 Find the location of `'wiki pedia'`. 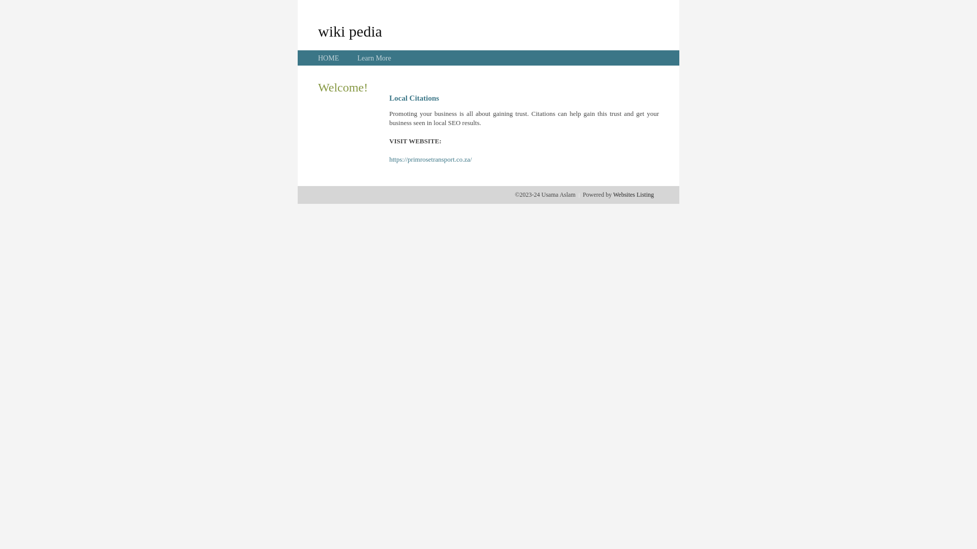

'wiki pedia' is located at coordinates (350, 30).